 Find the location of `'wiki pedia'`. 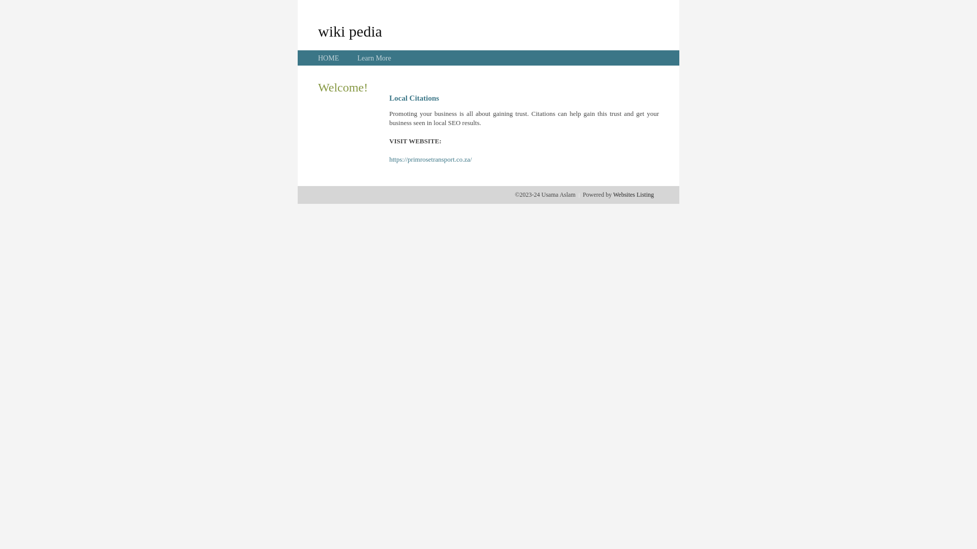

'wiki pedia' is located at coordinates (350, 30).